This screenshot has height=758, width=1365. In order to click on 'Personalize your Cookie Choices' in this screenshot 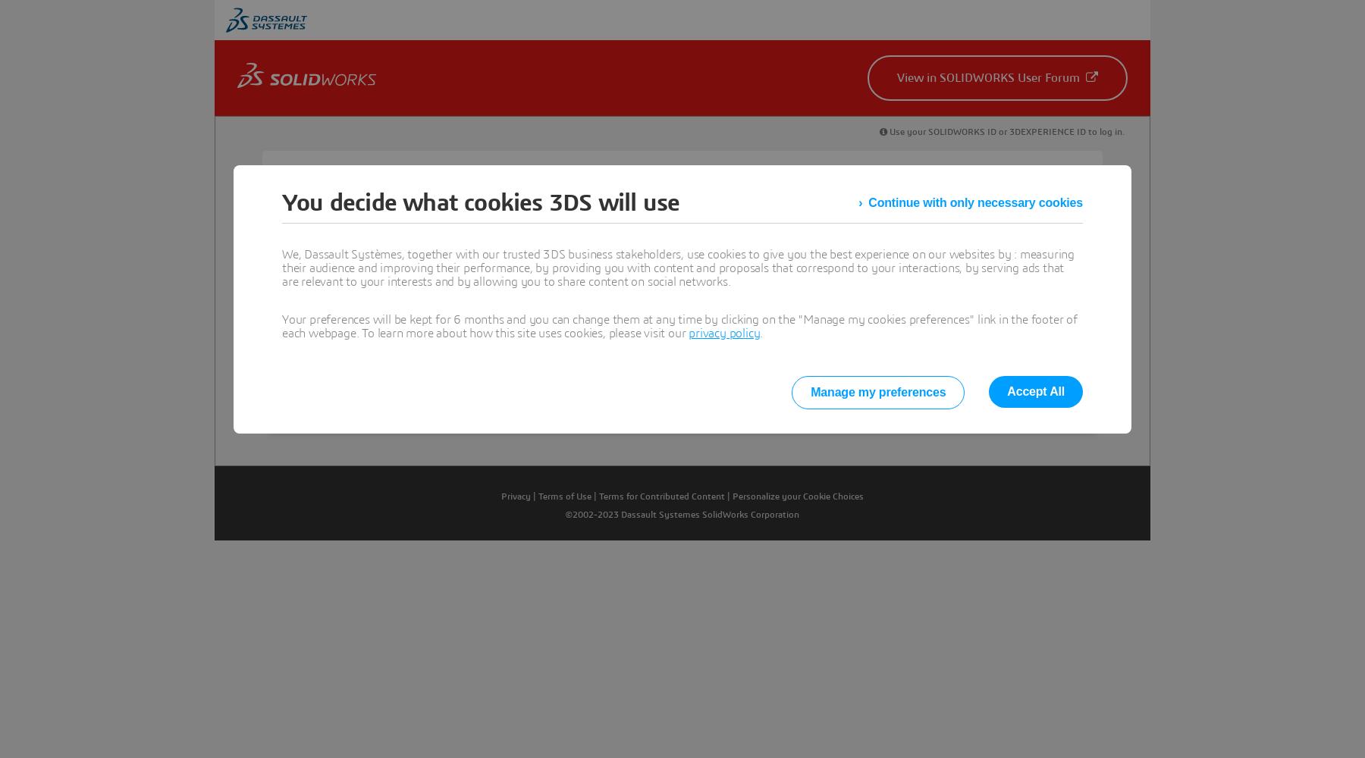, I will do `click(732, 496)`.